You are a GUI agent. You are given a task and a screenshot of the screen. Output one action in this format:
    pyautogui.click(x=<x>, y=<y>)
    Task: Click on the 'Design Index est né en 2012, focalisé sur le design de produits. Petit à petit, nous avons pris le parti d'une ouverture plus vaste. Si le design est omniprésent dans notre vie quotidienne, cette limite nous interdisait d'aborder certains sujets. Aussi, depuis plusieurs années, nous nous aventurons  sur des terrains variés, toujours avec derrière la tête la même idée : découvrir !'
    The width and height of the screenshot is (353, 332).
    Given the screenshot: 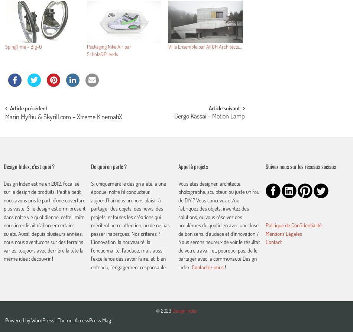 What is the action you would take?
    pyautogui.click(x=44, y=221)
    